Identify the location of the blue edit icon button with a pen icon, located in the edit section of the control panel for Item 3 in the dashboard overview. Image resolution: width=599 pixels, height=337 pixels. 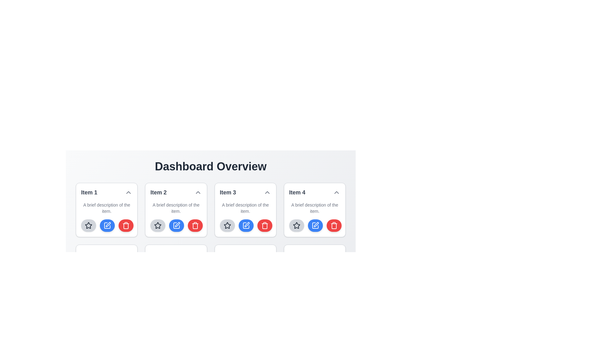
(246, 225).